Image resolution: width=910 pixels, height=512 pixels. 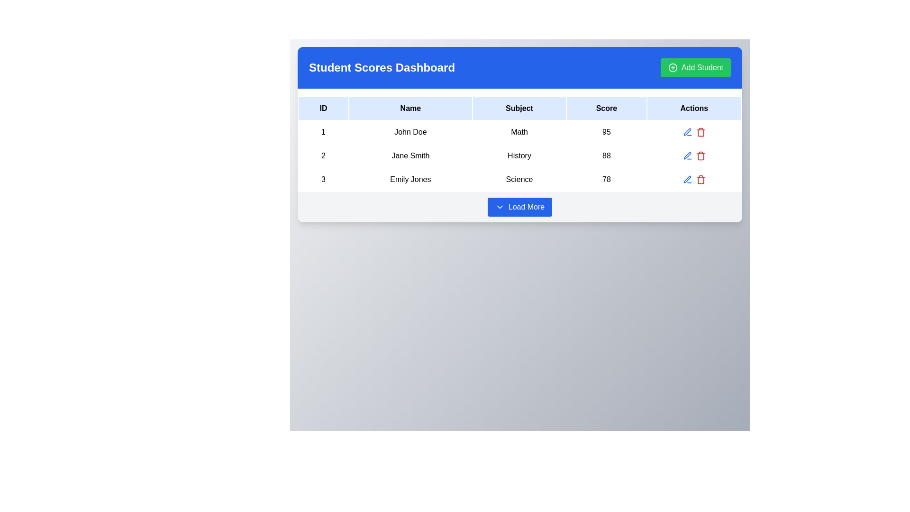 I want to click on the edit button with a pen icon located in the 'Actions' column of the second row of the table, so click(x=687, y=155).